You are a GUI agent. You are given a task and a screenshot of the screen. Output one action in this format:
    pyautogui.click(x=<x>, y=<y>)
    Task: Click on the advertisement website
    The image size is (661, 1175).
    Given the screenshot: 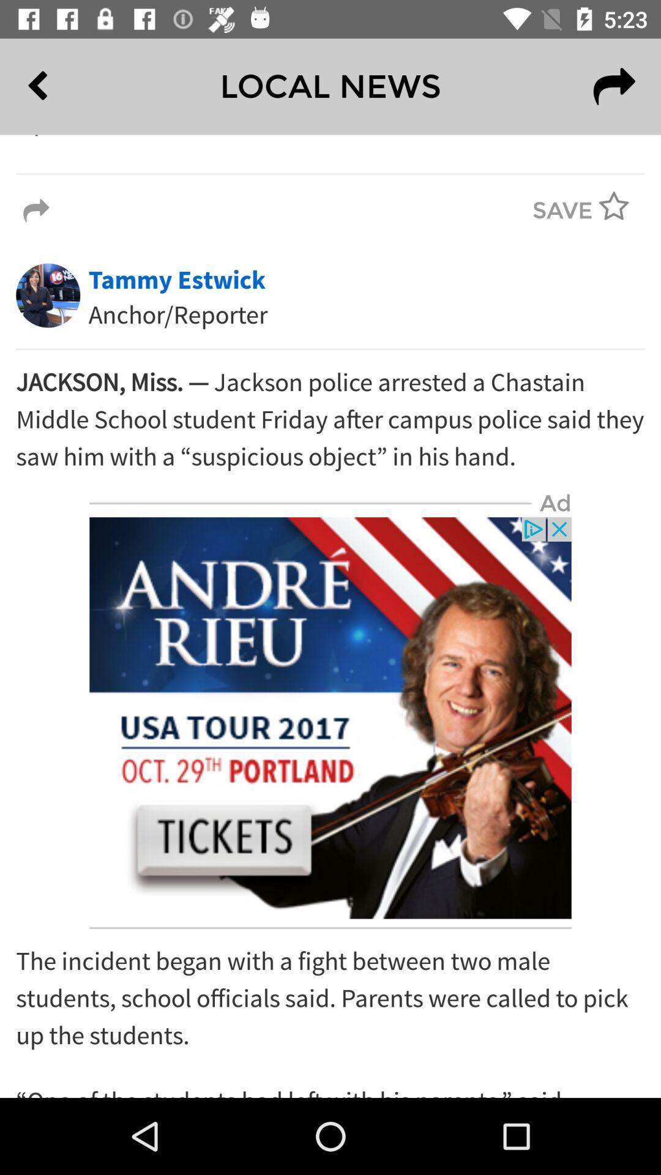 What is the action you would take?
    pyautogui.click(x=330, y=718)
    